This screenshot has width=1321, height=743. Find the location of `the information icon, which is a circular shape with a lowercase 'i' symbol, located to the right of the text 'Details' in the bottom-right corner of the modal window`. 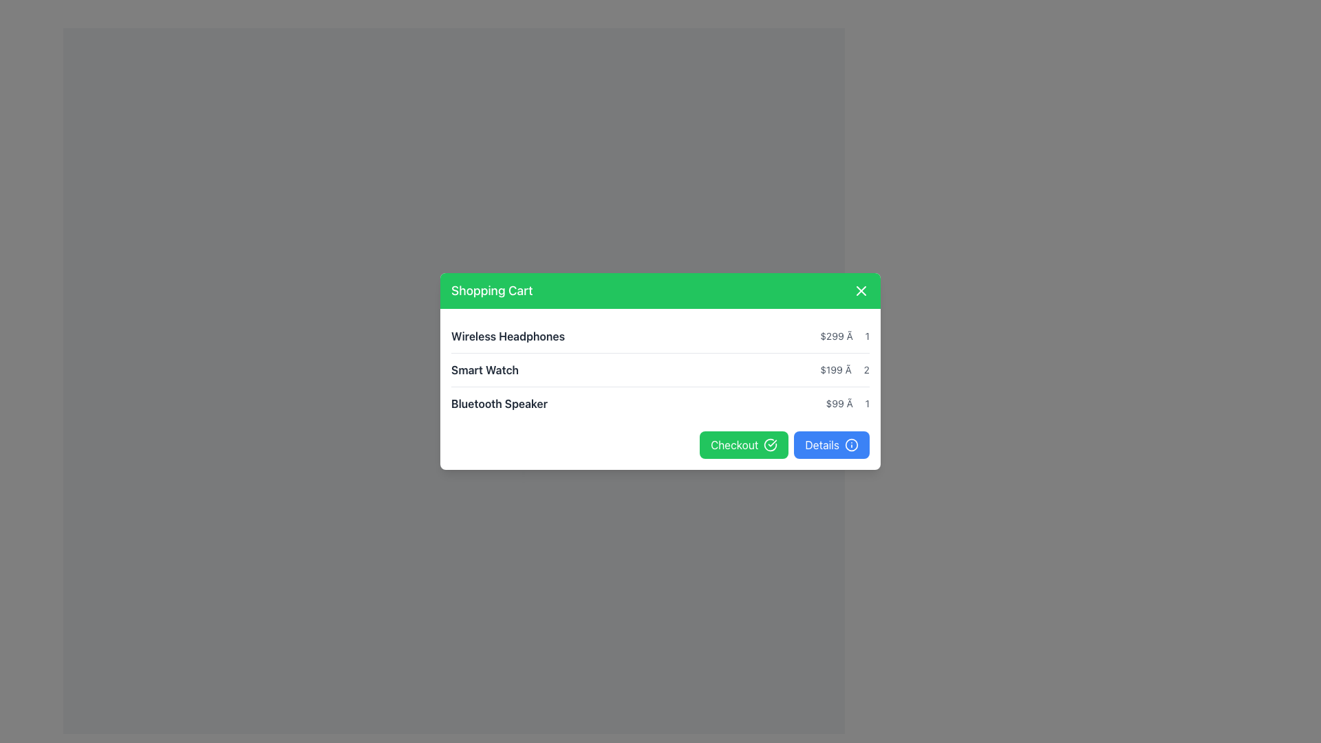

the information icon, which is a circular shape with a lowercase 'i' symbol, located to the right of the text 'Details' in the bottom-right corner of the modal window is located at coordinates (851, 445).